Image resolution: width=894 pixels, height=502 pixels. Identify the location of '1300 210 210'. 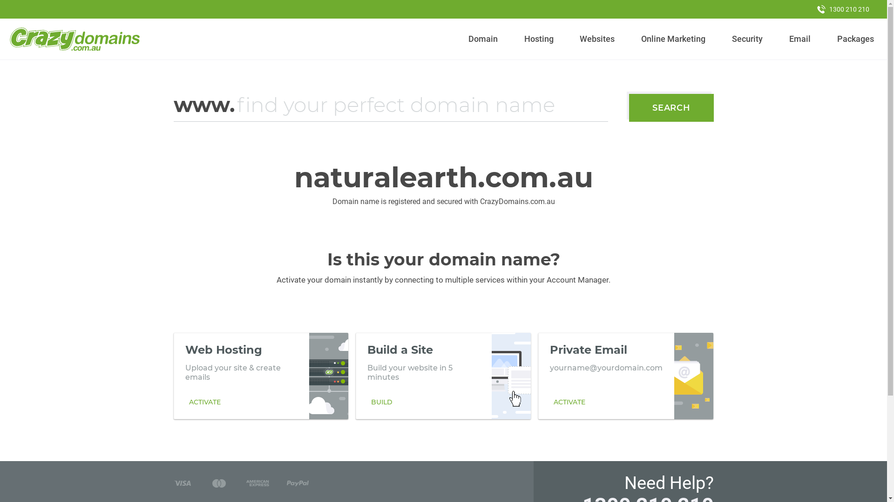
(843, 9).